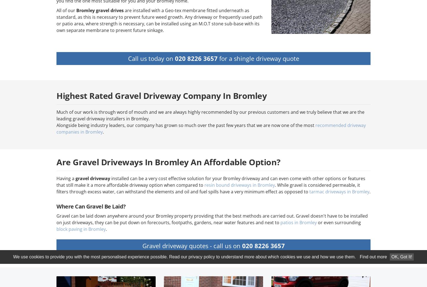 Image resolution: width=427 pixels, height=287 pixels. Describe the element at coordinates (76, 10) in the screenshot. I see `'Bromley gravel drives'` at that location.